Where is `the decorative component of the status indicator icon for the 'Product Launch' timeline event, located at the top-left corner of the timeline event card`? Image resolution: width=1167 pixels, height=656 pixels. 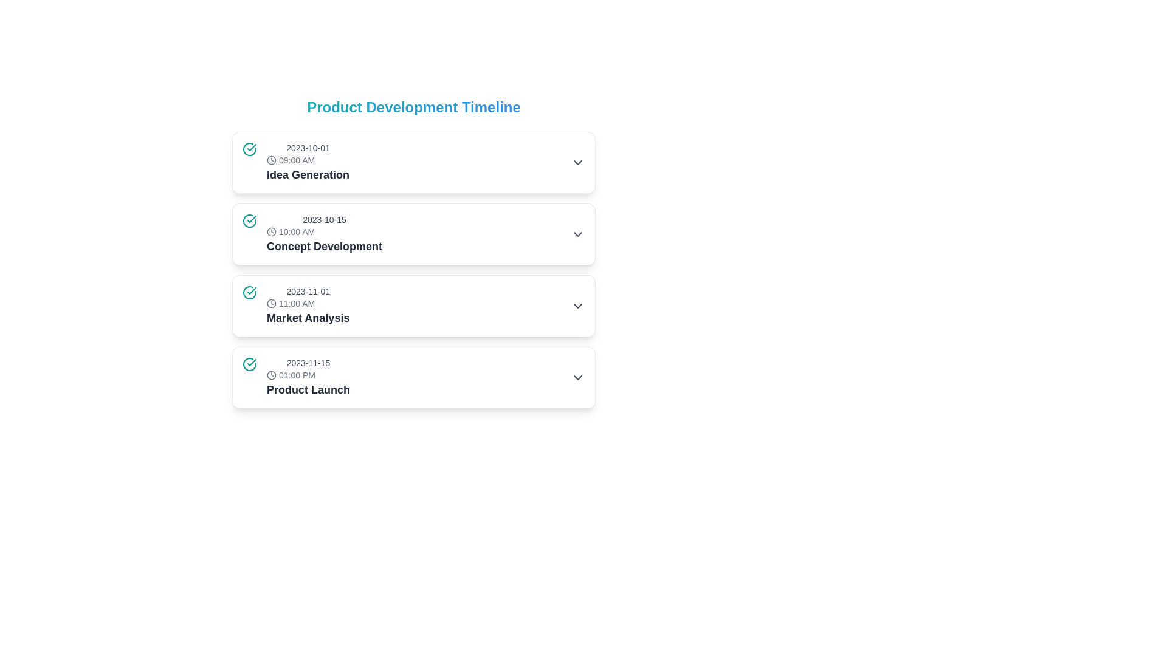 the decorative component of the status indicator icon for the 'Product Launch' timeline event, located at the top-left corner of the timeline event card is located at coordinates (249, 364).